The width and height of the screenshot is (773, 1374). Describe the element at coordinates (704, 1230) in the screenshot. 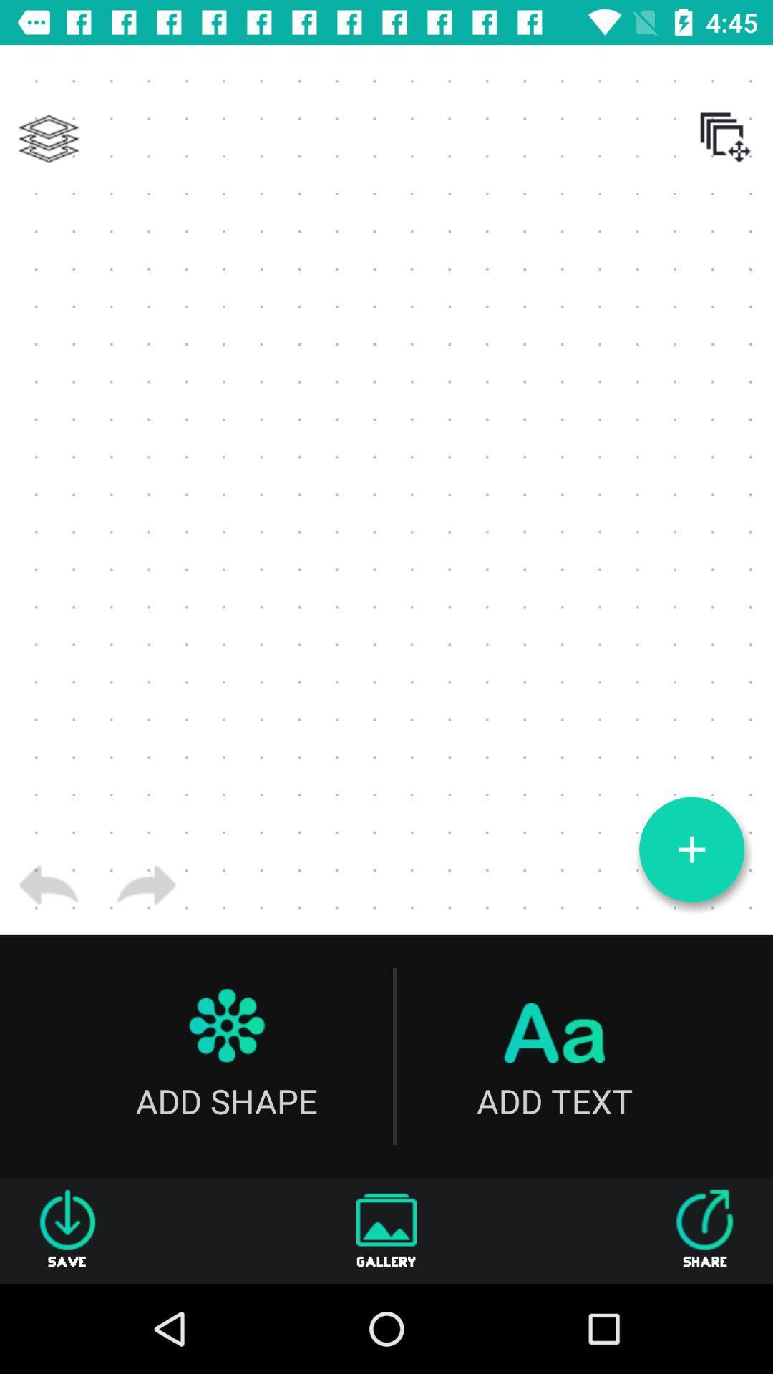

I see `the share item` at that location.